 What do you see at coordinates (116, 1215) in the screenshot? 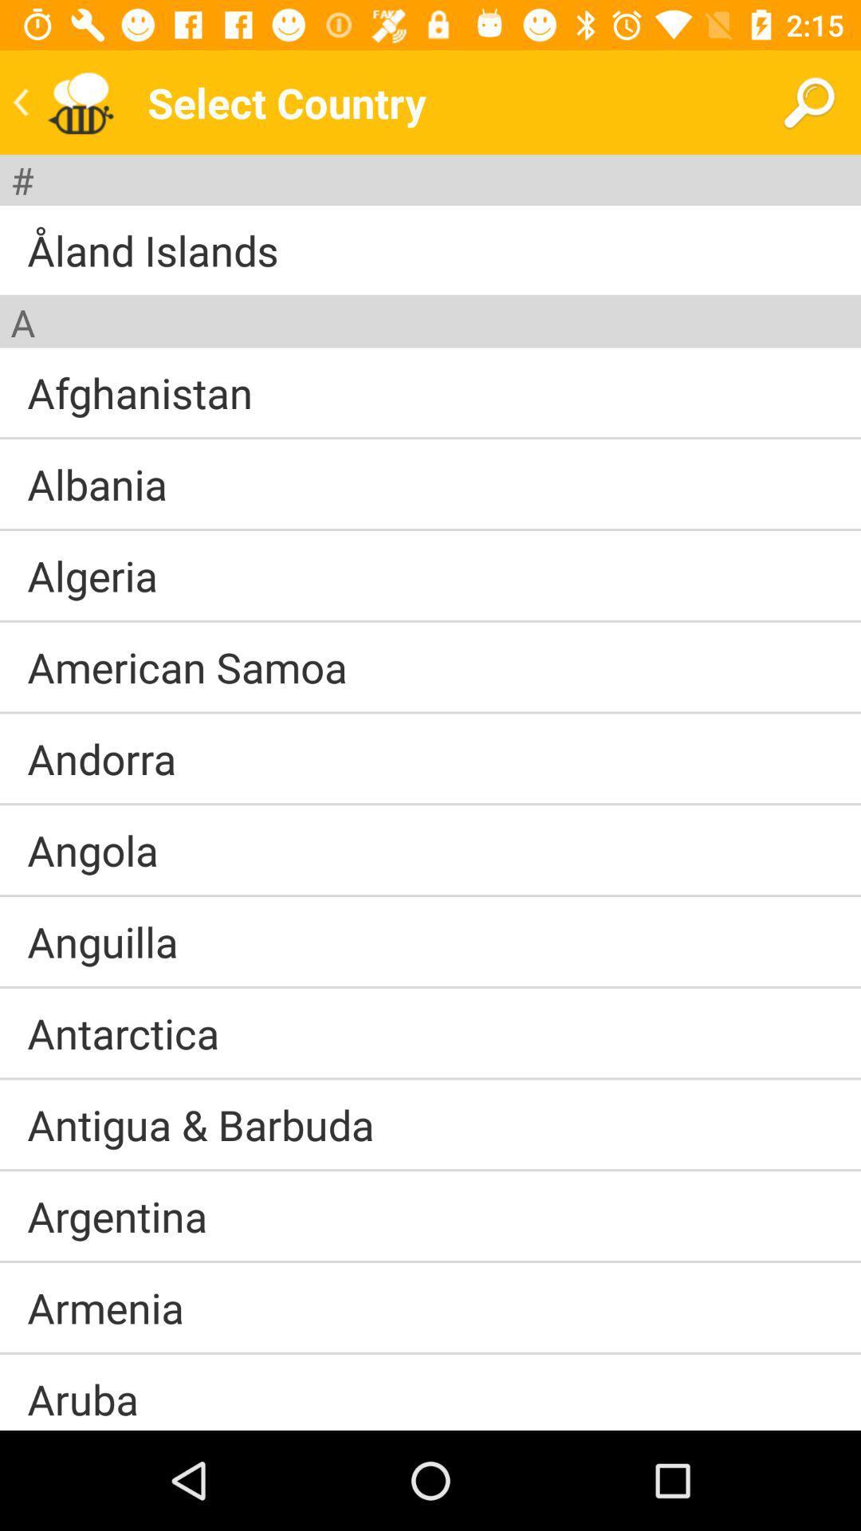
I see `the argentina` at bounding box center [116, 1215].